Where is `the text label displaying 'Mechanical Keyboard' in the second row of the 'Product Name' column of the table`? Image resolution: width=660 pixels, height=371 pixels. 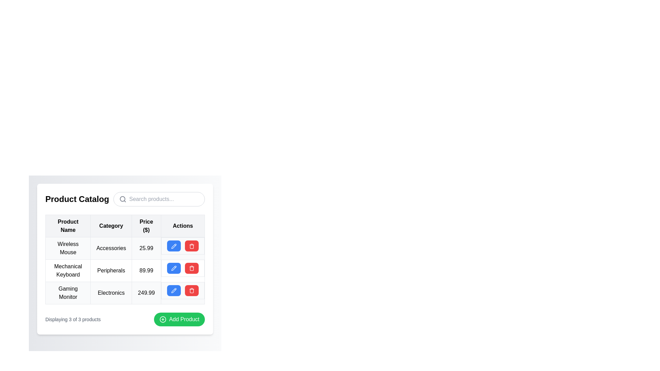
the text label displaying 'Mechanical Keyboard' in the second row of the 'Product Name' column of the table is located at coordinates (68, 270).